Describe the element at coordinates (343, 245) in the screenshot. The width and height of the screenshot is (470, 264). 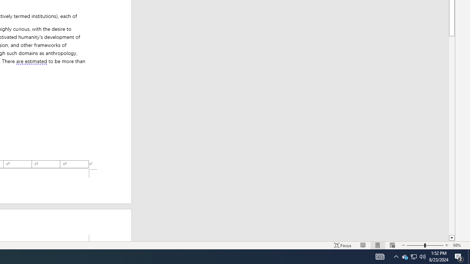
I see `'Focus '` at that location.